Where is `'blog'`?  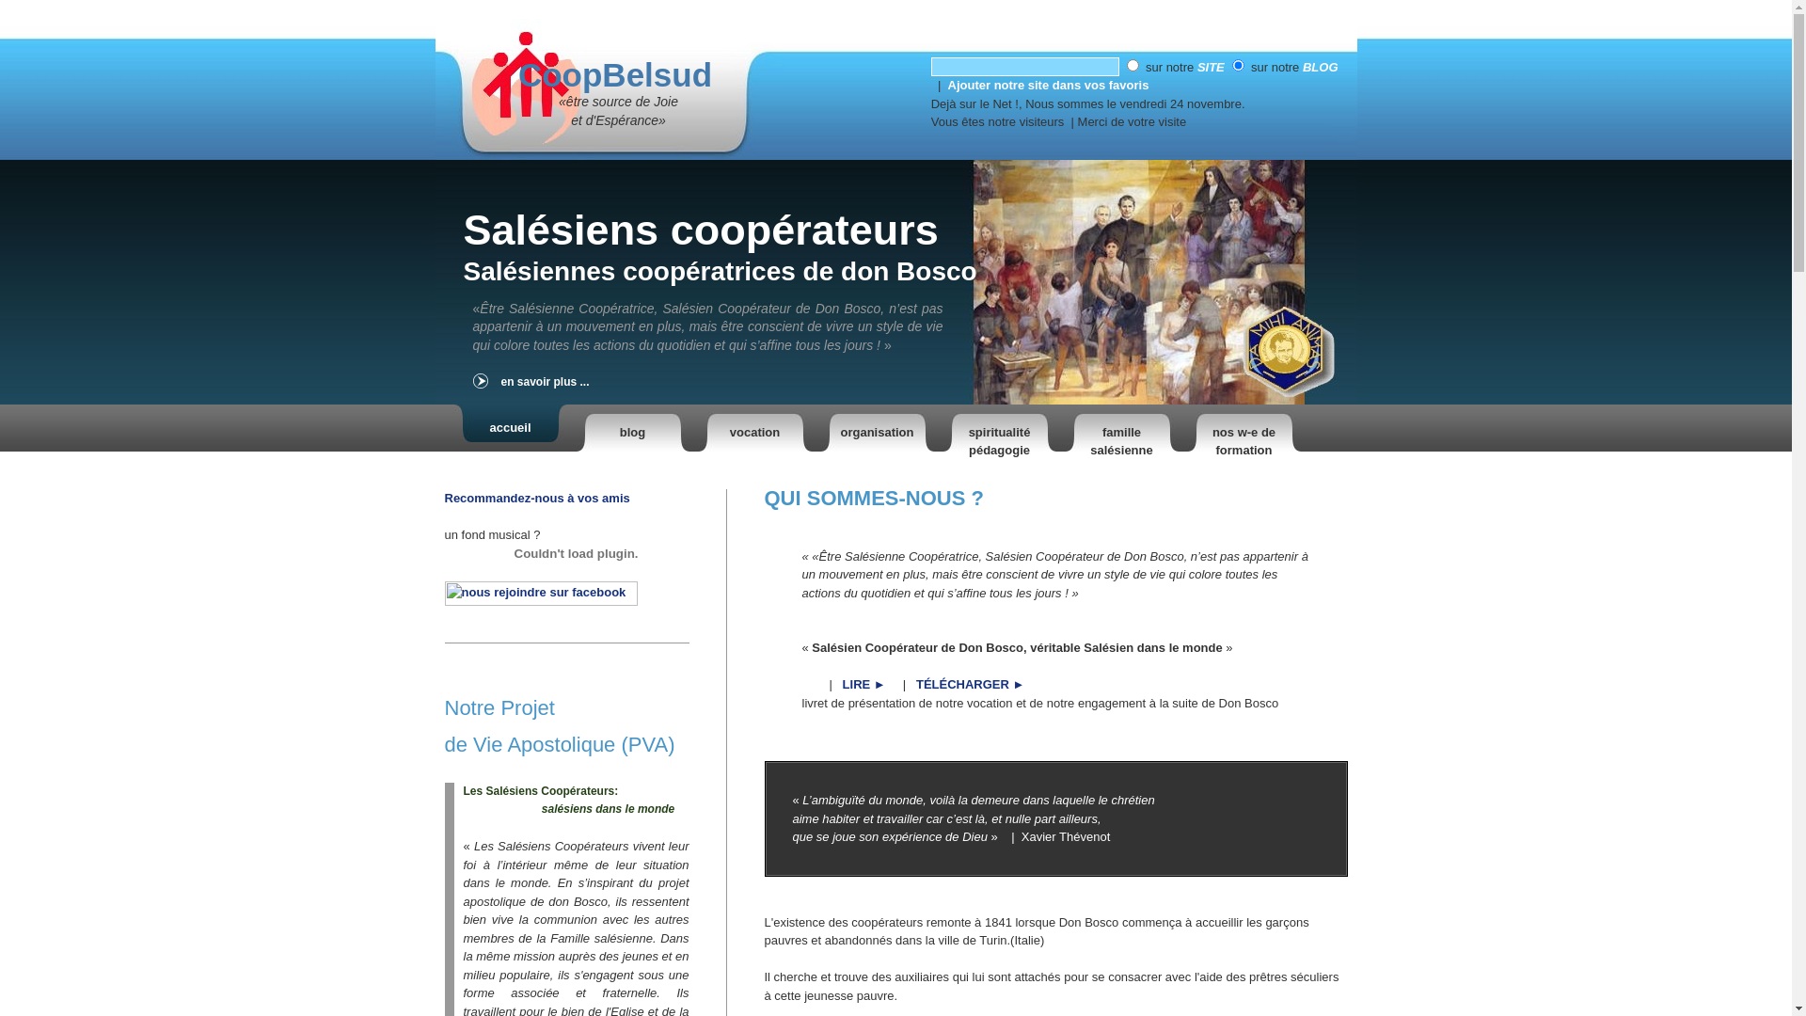 'blog' is located at coordinates (632, 428).